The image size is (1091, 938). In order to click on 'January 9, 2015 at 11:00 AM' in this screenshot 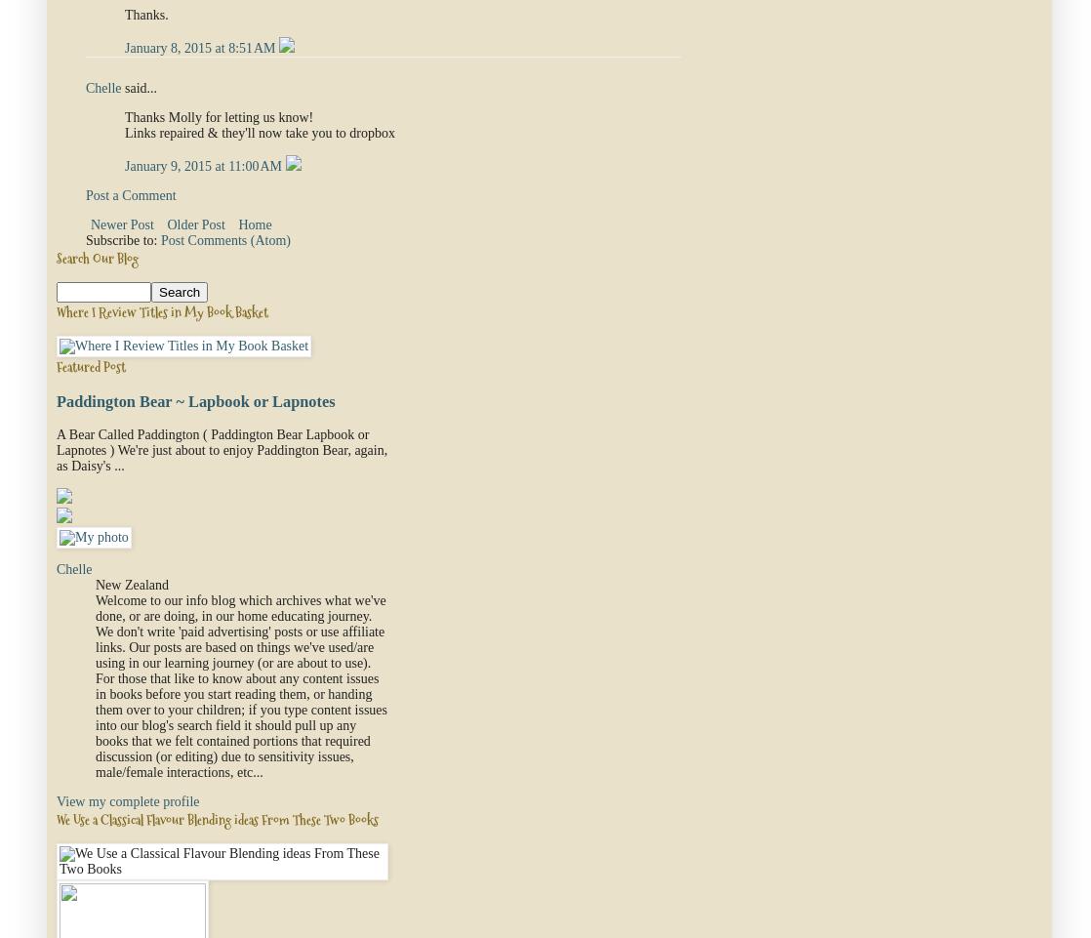, I will do `click(204, 165)`.